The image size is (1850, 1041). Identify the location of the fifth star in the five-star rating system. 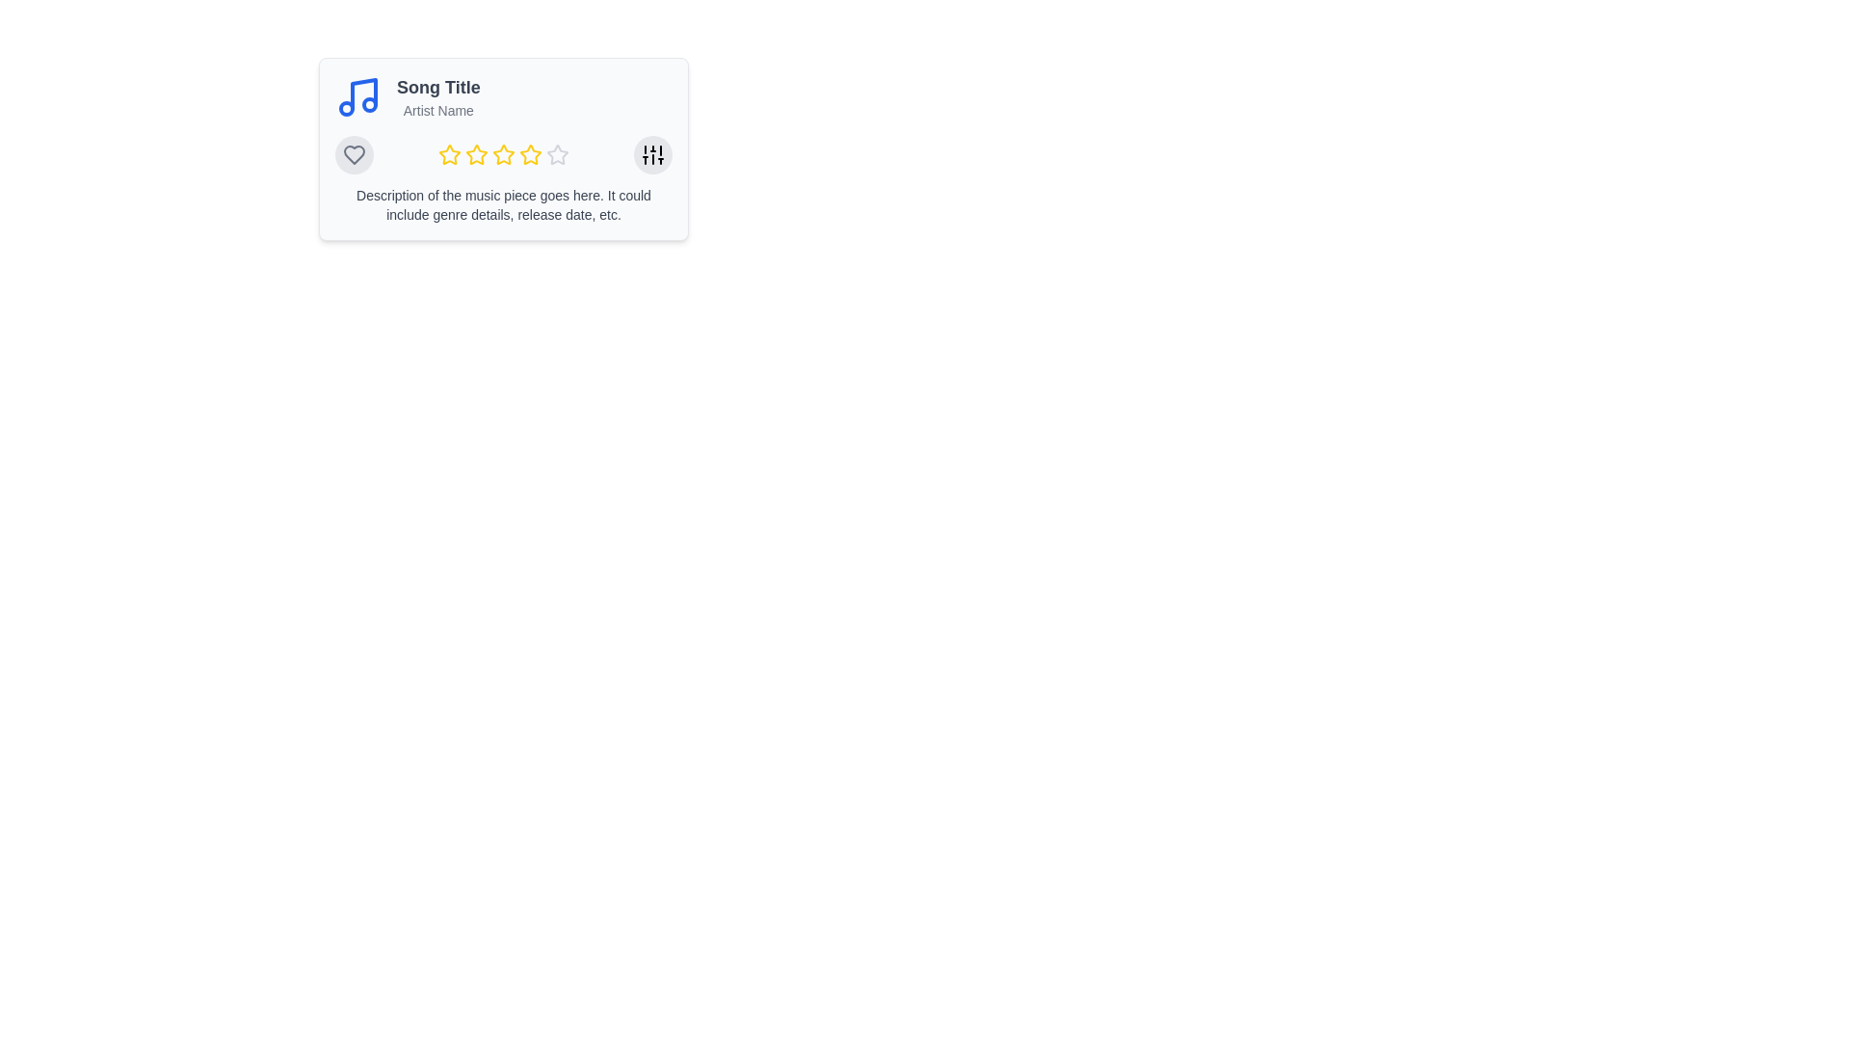
(531, 154).